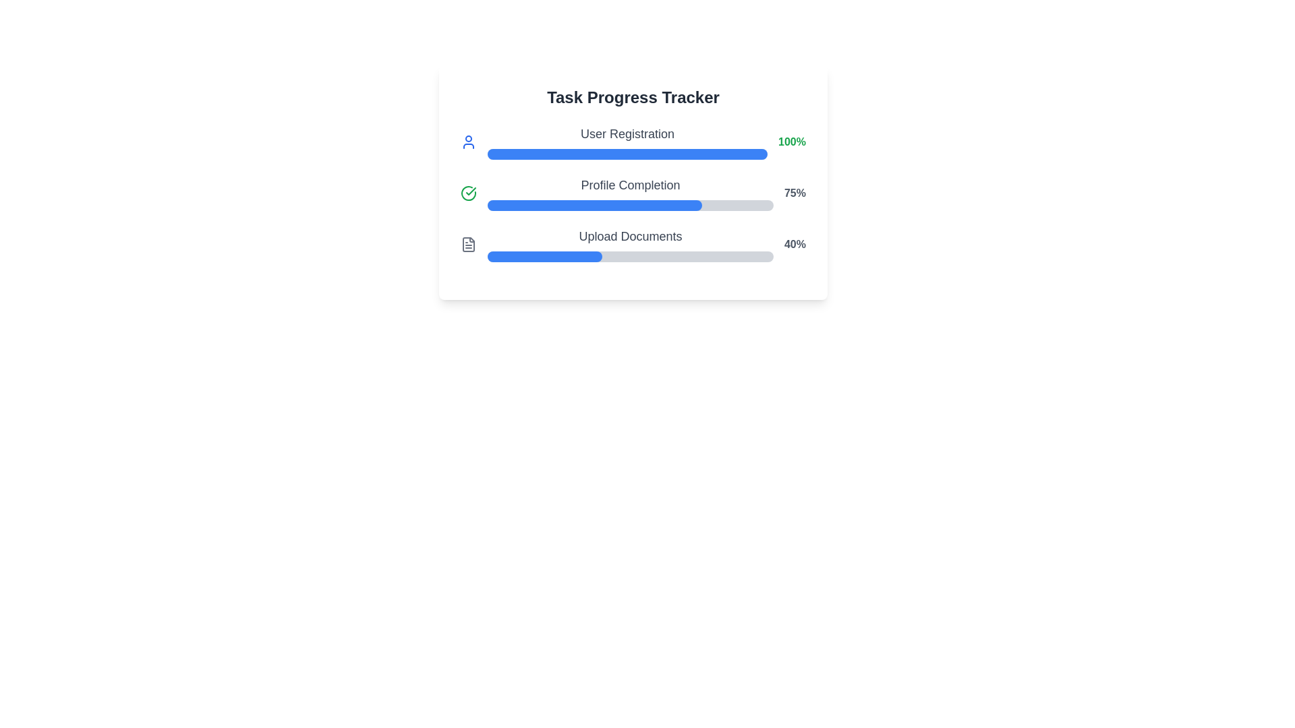 The height and width of the screenshot is (728, 1295). Describe the element at coordinates (544, 257) in the screenshot. I see `the first segment of the third progress bar which visually represents 40% completion, located below the 'Upload Documents' label` at that location.